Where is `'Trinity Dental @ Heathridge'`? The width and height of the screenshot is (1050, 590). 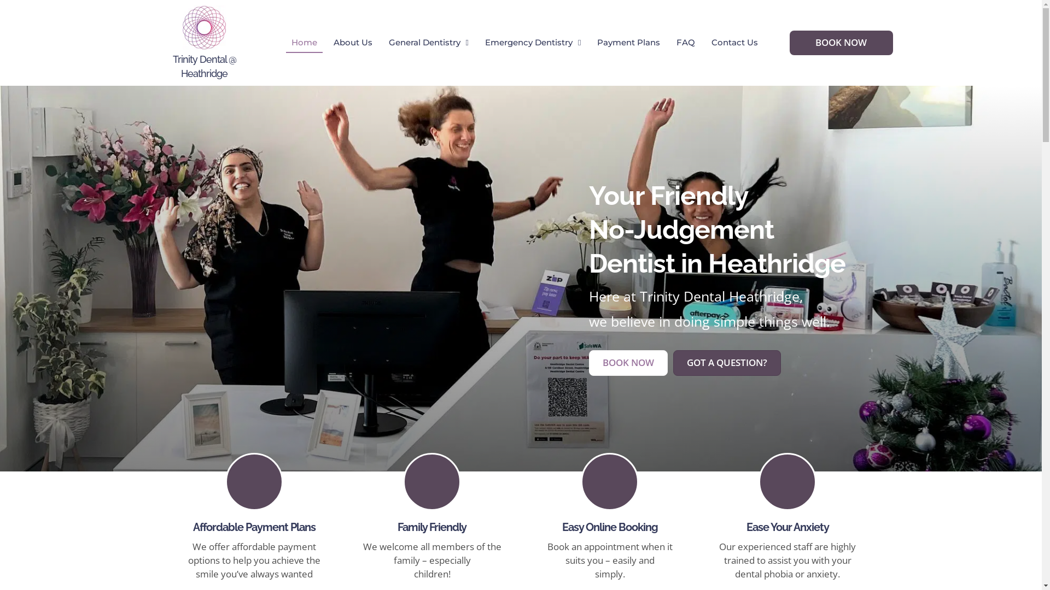
'Trinity Dental @ Heathridge' is located at coordinates (205, 66).